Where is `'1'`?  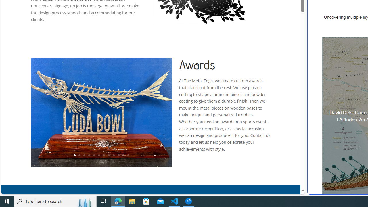 '1' is located at coordinates (74, 156).